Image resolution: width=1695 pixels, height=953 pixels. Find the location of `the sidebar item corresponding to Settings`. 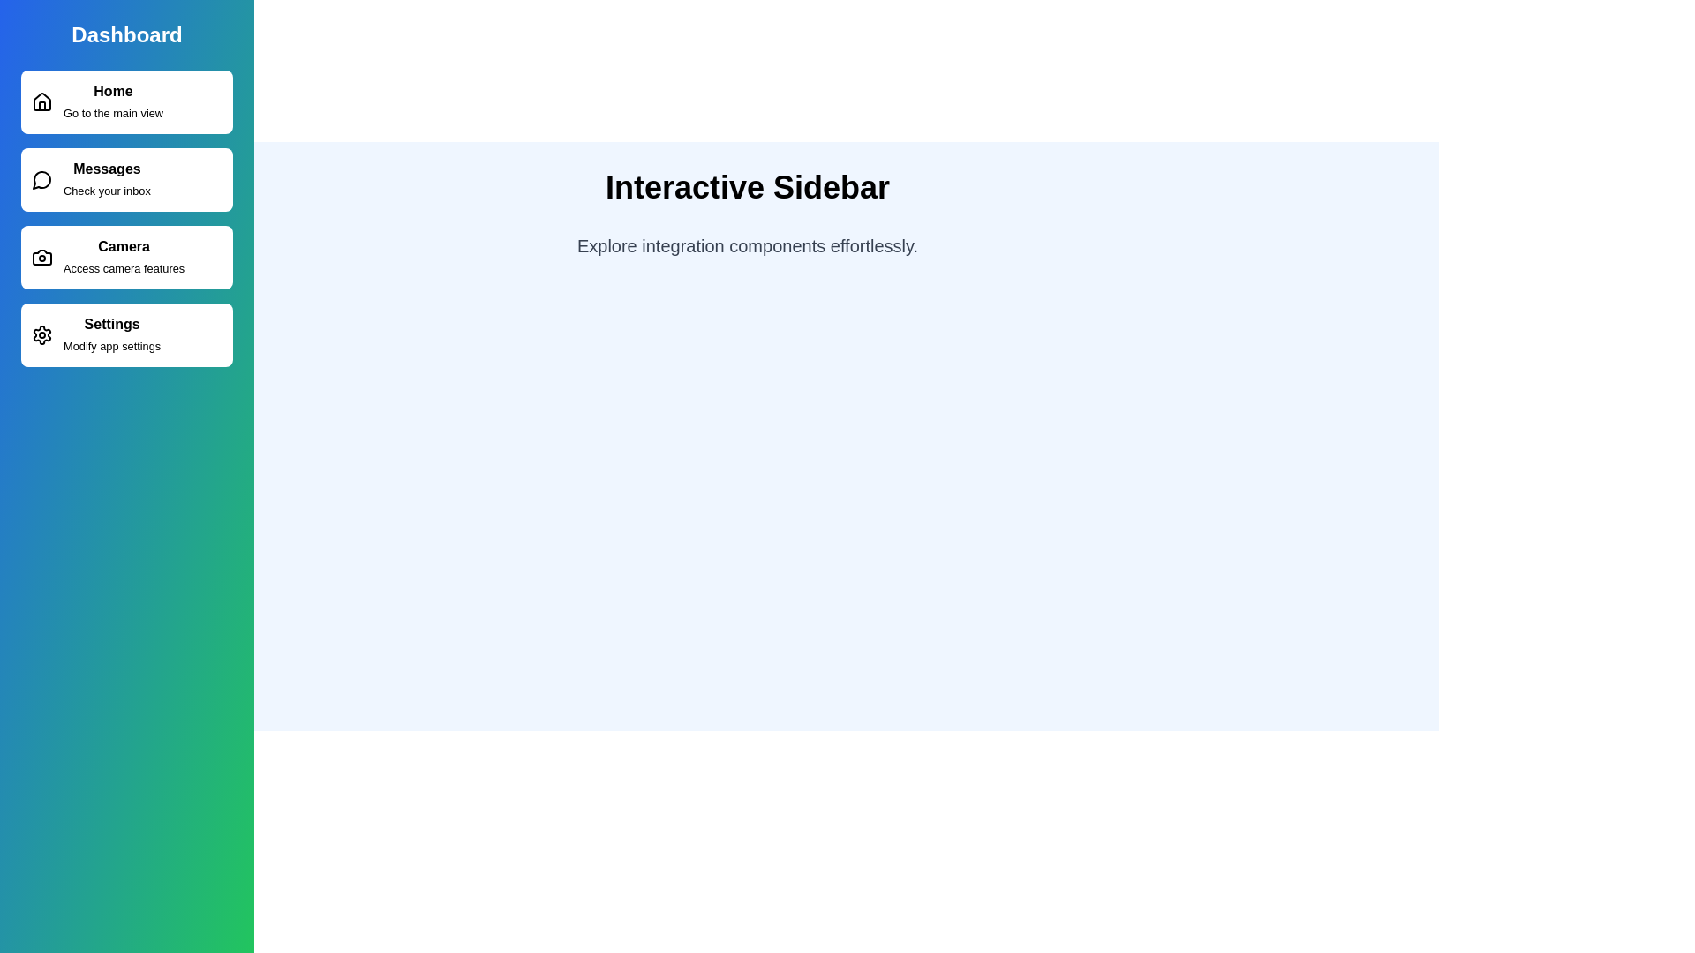

the sidebar item corresponding to Settings is located at coordinates (126, 335).